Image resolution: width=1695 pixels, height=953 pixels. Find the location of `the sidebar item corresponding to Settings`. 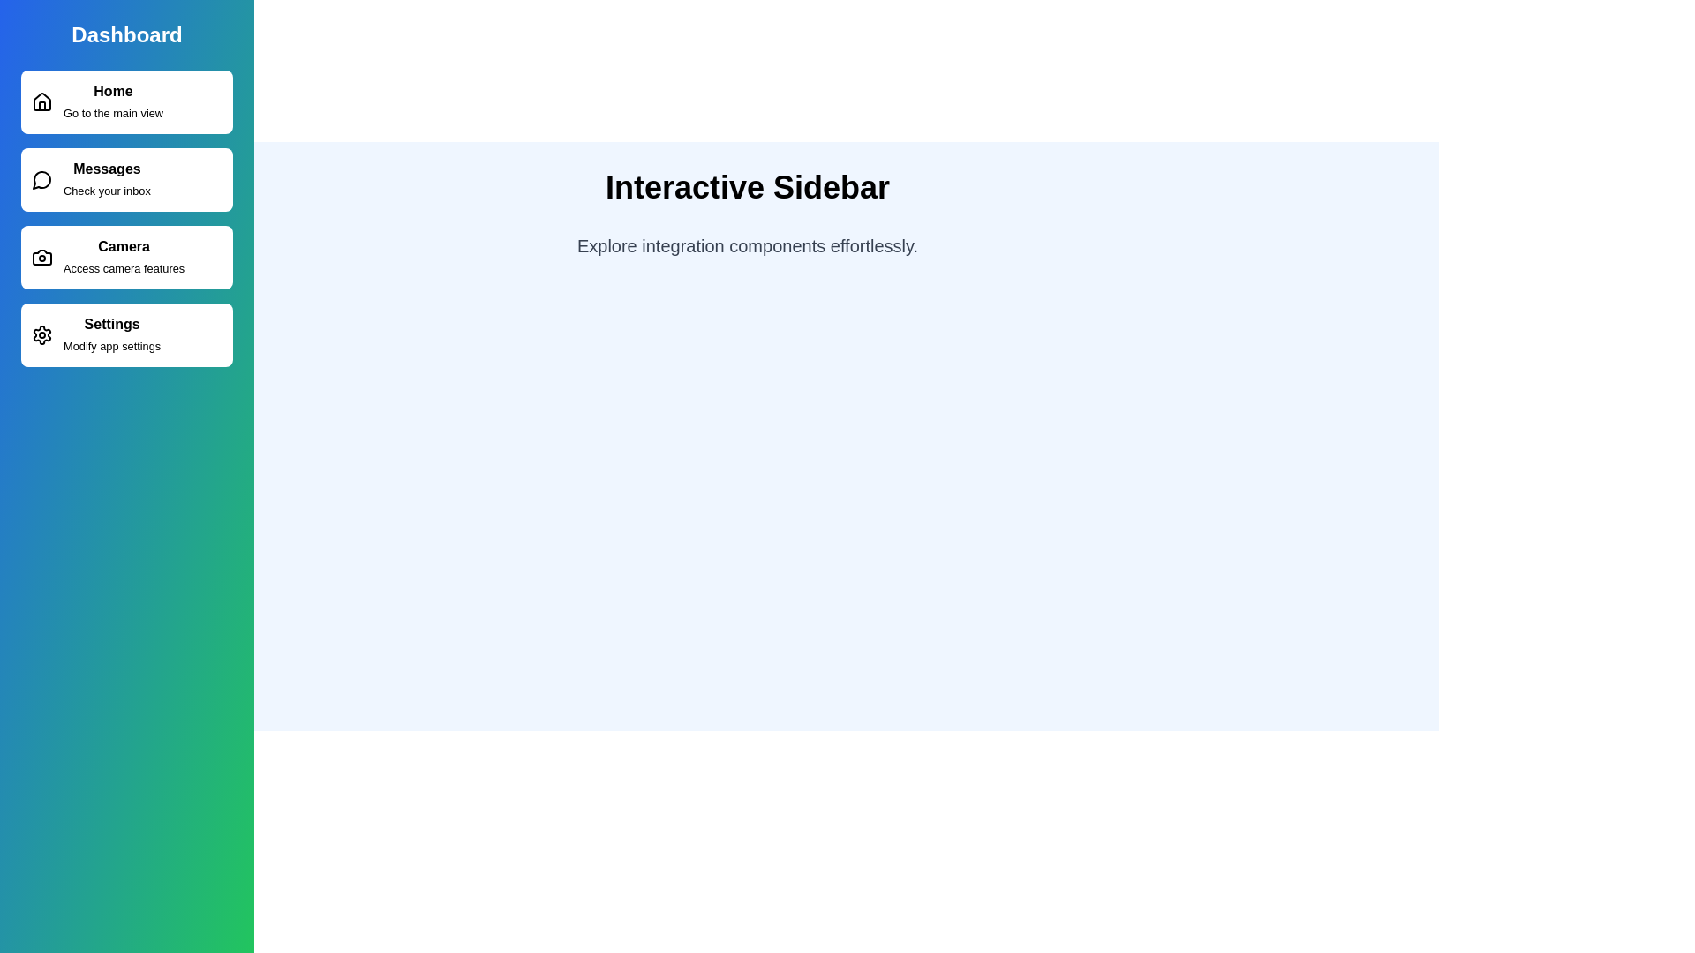

the sidebar item corresponding to Settings is located at coordinates (126, 335).